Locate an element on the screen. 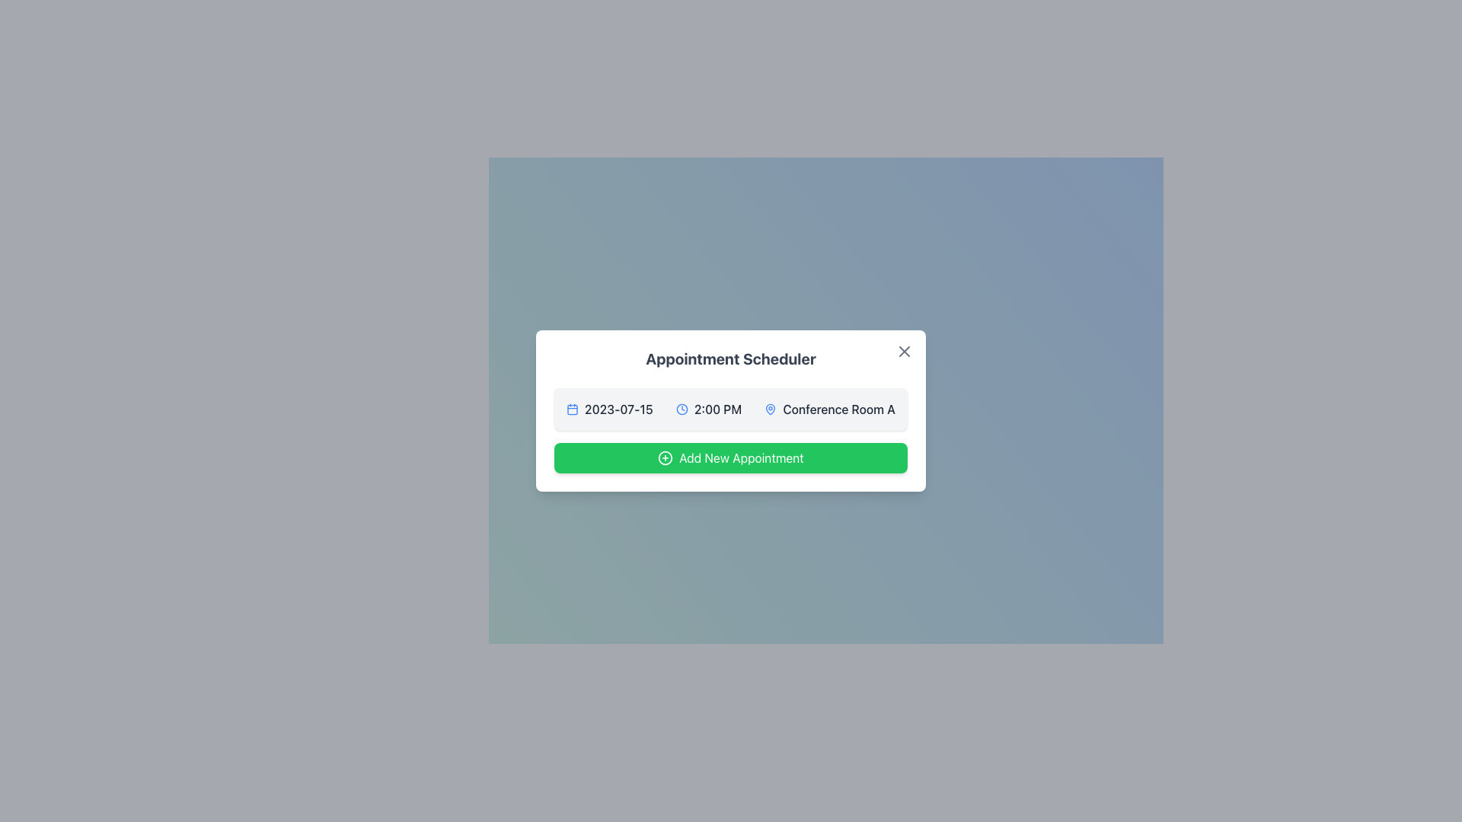 The width and height of the screenshot is (1462, 822). the small 'X' icon button in the top-right corner of the 'Appointment Scheduler' modal to change its color to red is located at coordinates (905, 352).